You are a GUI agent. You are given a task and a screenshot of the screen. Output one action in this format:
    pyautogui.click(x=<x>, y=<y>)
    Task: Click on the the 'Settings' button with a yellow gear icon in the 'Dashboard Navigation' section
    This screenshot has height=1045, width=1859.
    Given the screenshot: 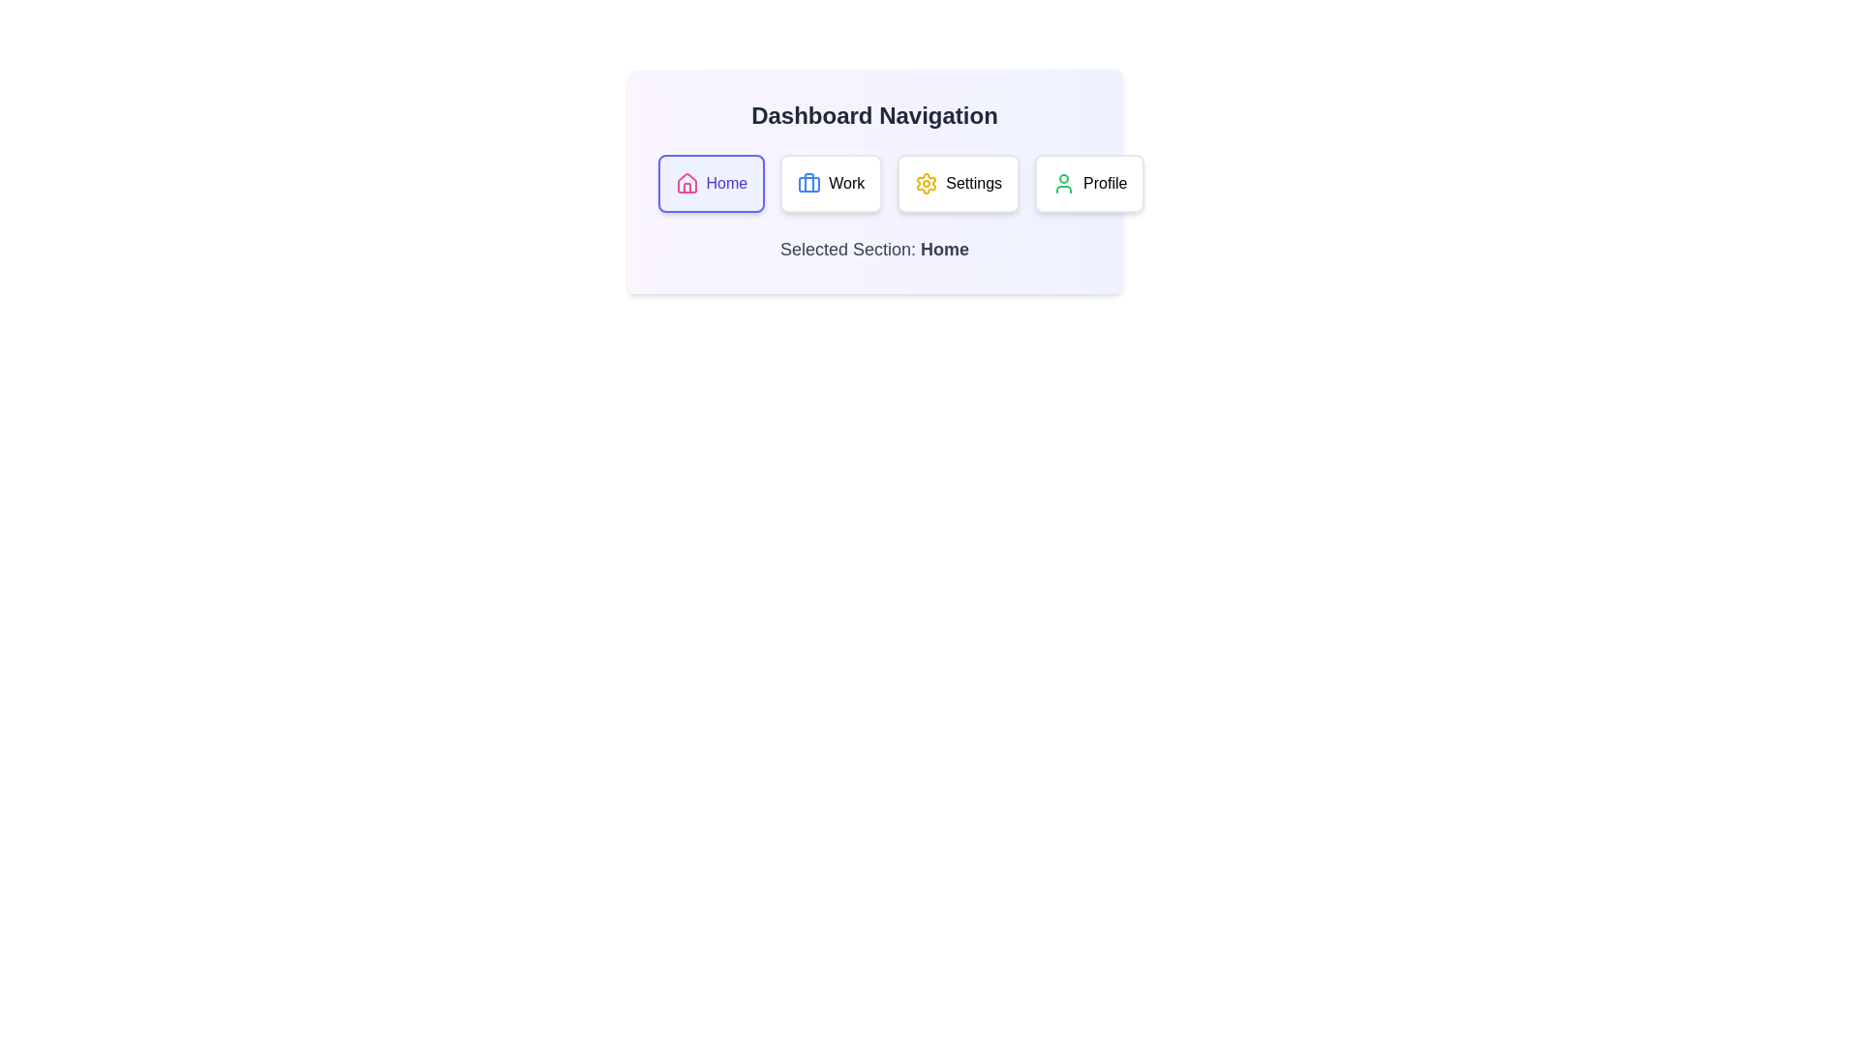 What is the action you would take?
    pyautogui.click(x=959, y=183)
    